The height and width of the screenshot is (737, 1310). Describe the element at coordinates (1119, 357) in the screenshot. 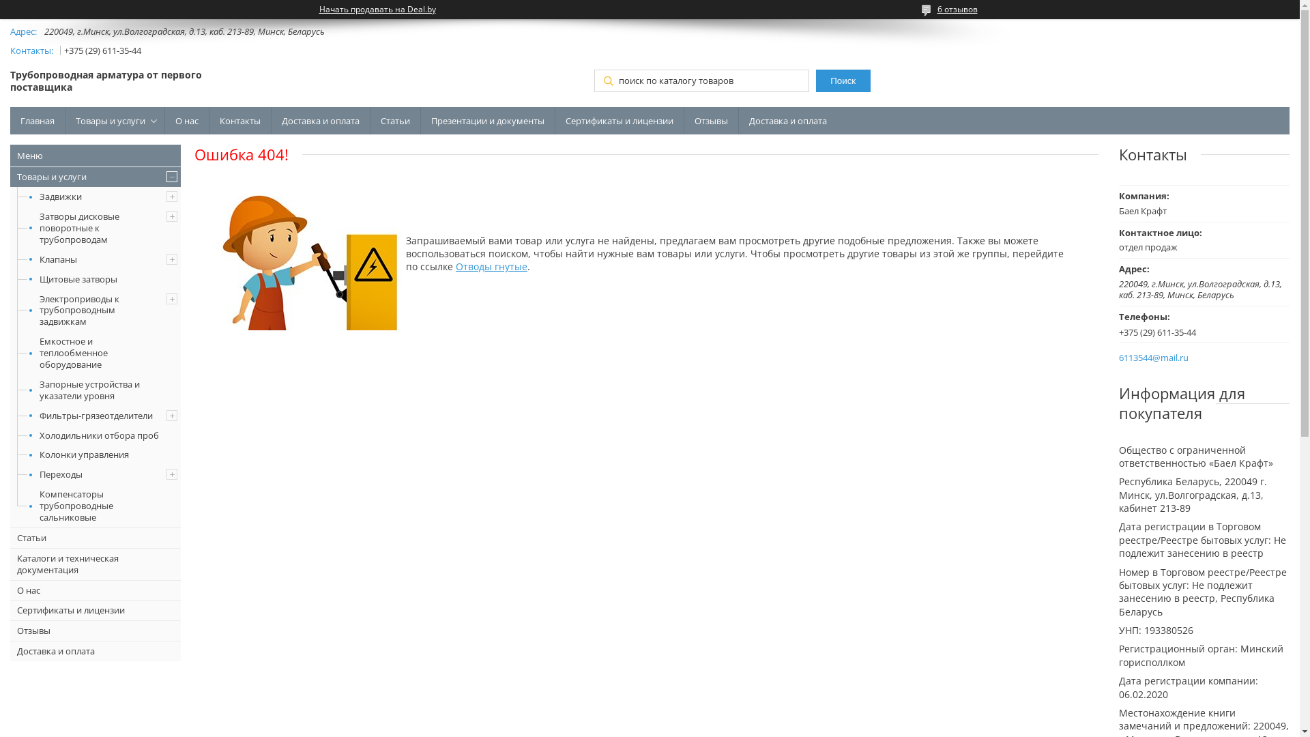

I see `'6113544@mail.ru'` at that location.